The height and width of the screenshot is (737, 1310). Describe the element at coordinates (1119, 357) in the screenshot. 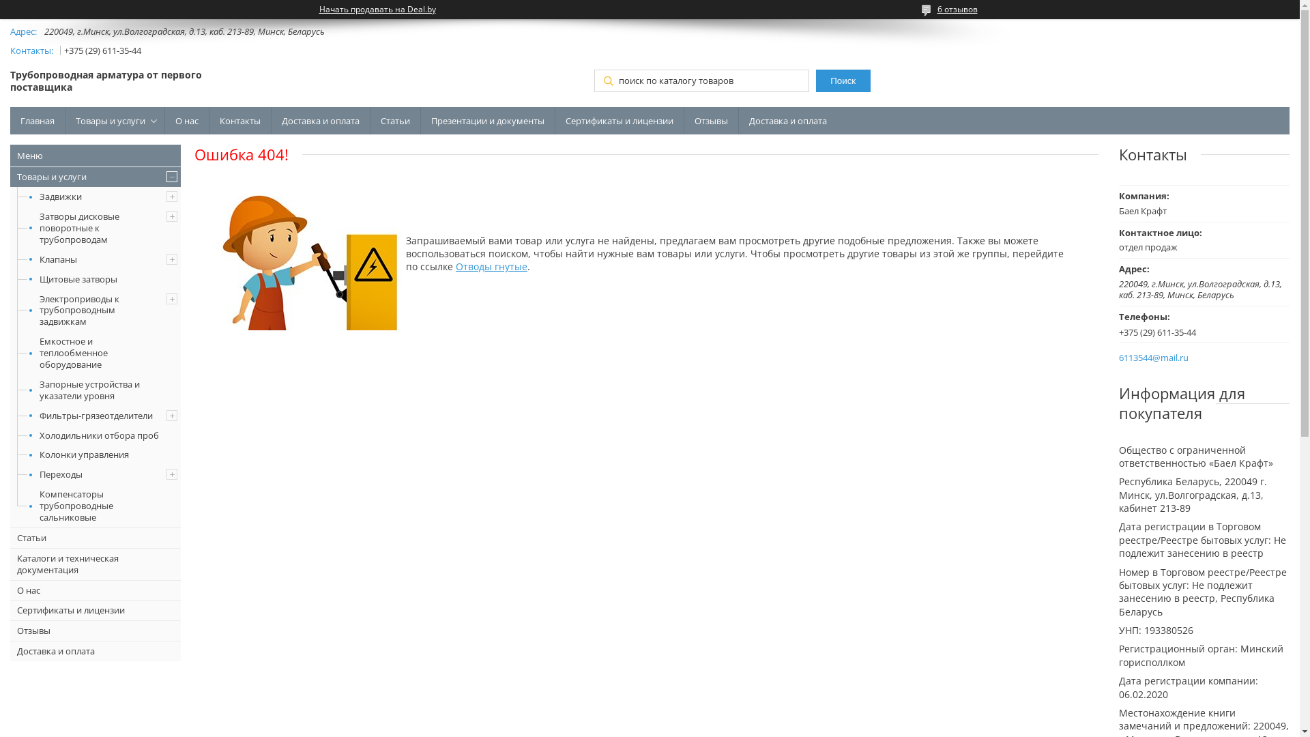

I see `'6113544@mail.ru'` at that location.